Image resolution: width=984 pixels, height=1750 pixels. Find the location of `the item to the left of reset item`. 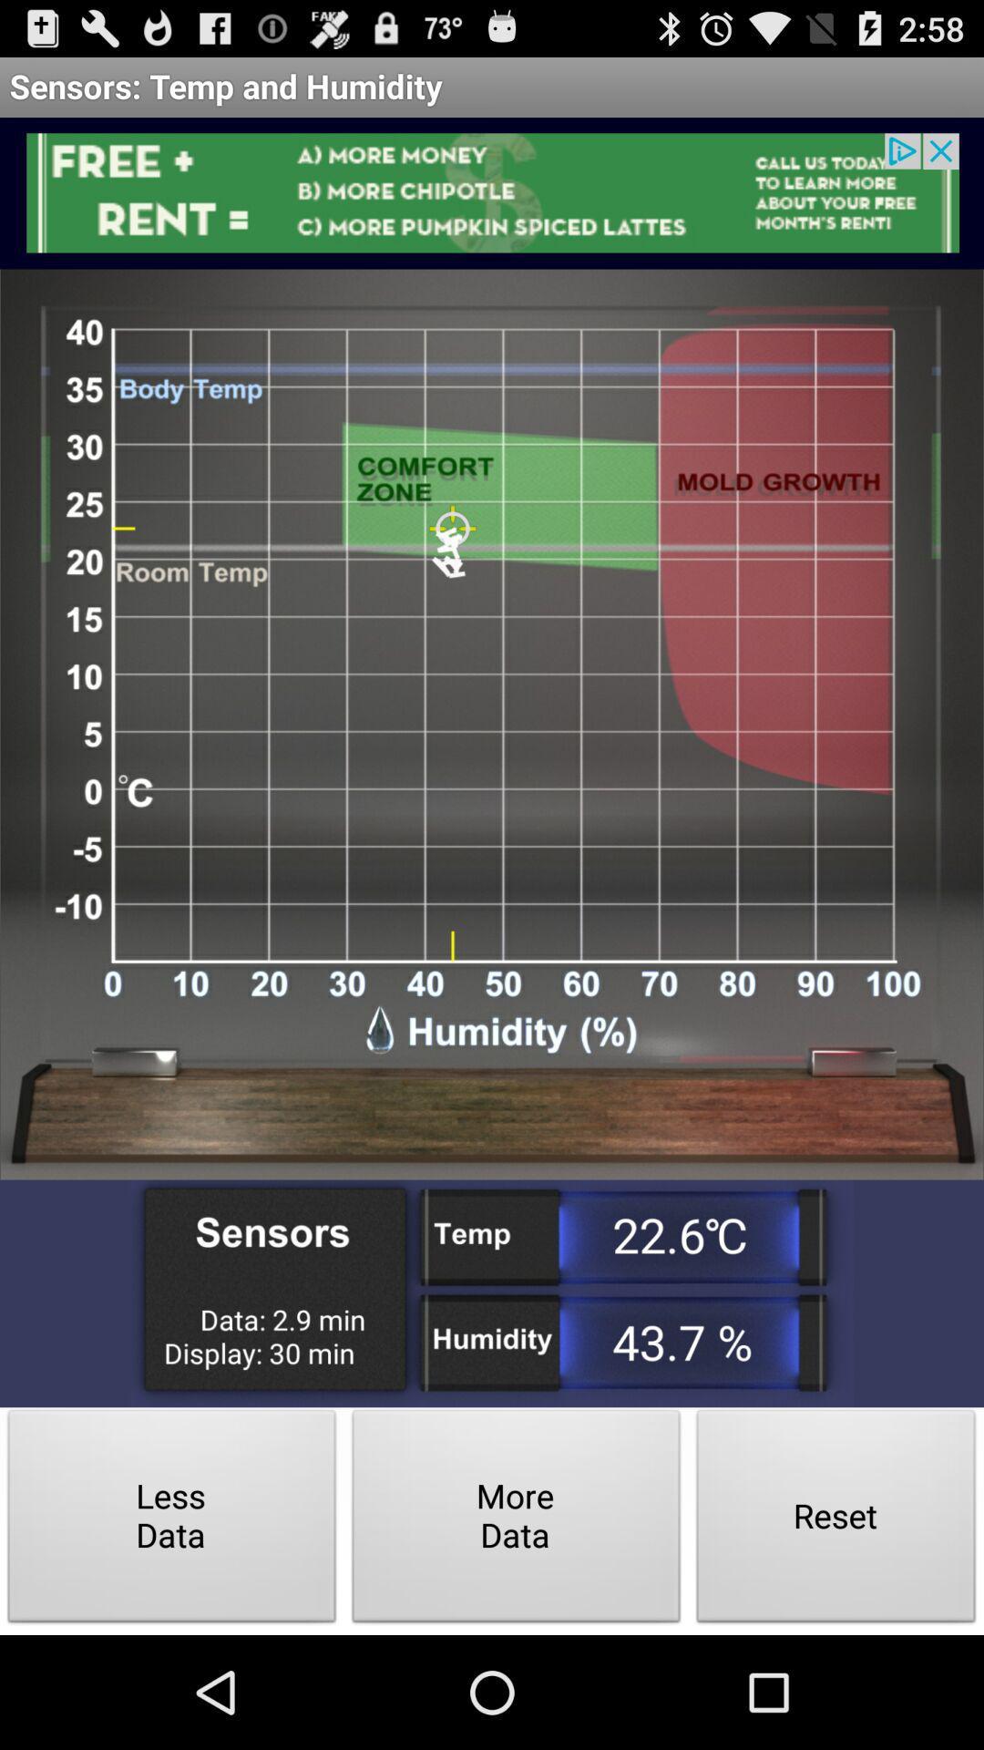

the item to the left of reset item is located at coordinates (517, 1521).